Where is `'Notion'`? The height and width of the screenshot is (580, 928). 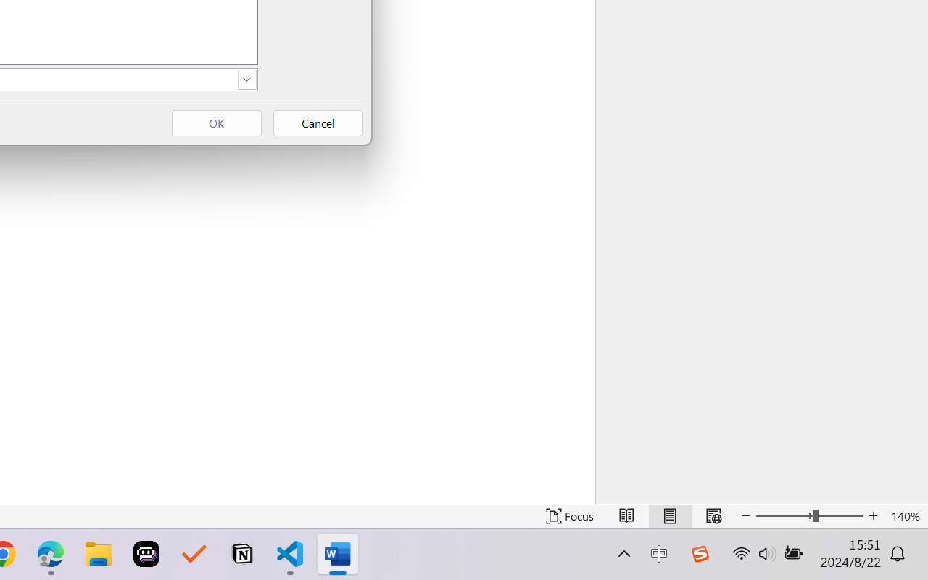 'Notion' is located at coordinates (242, 554).